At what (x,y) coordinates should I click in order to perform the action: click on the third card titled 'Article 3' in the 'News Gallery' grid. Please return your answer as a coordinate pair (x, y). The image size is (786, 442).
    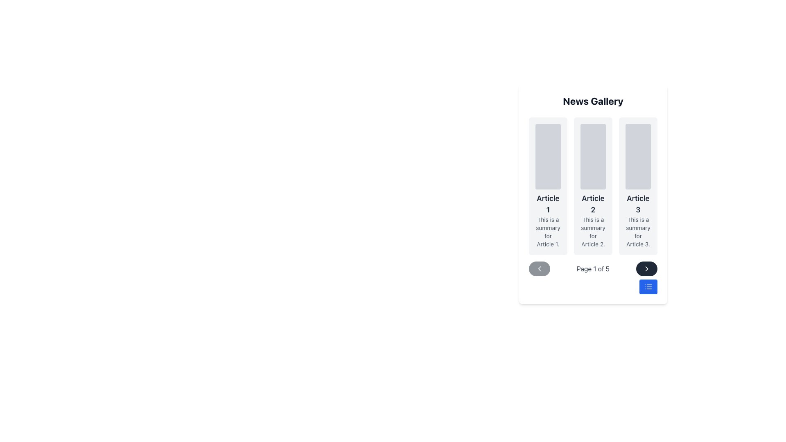
    Looking at the image, I should click on (638, 186).